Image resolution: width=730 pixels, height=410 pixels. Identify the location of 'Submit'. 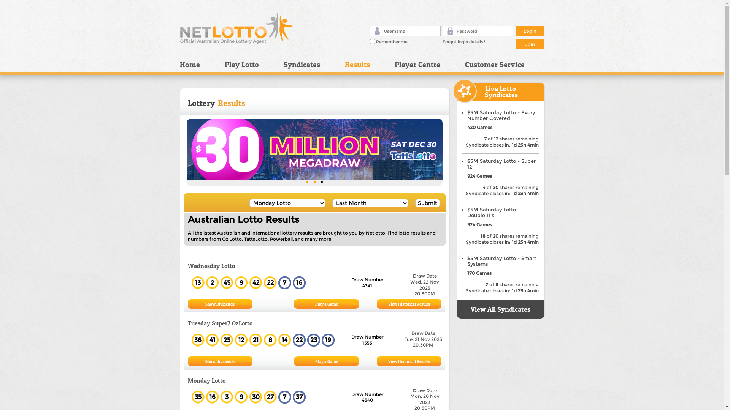
(427, 203).